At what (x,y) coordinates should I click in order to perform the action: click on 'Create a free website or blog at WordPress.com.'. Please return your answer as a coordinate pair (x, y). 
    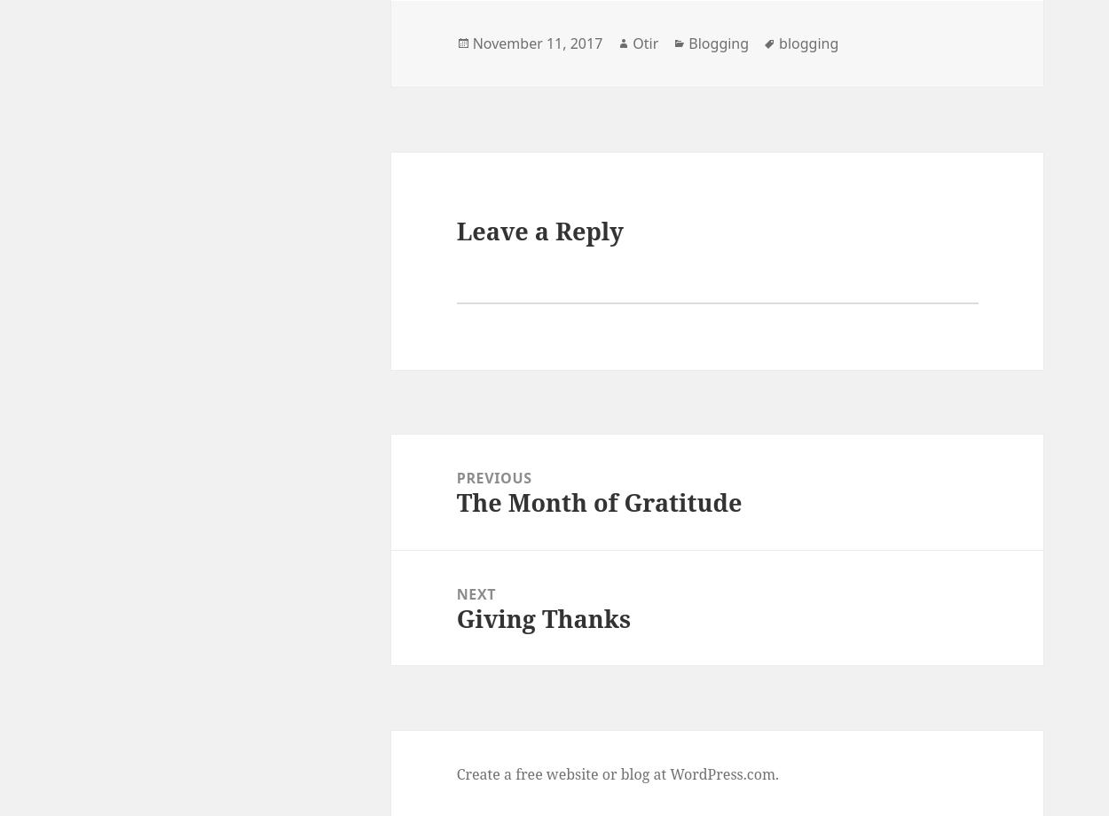
    Looking at the image, I should click on (617, 772).